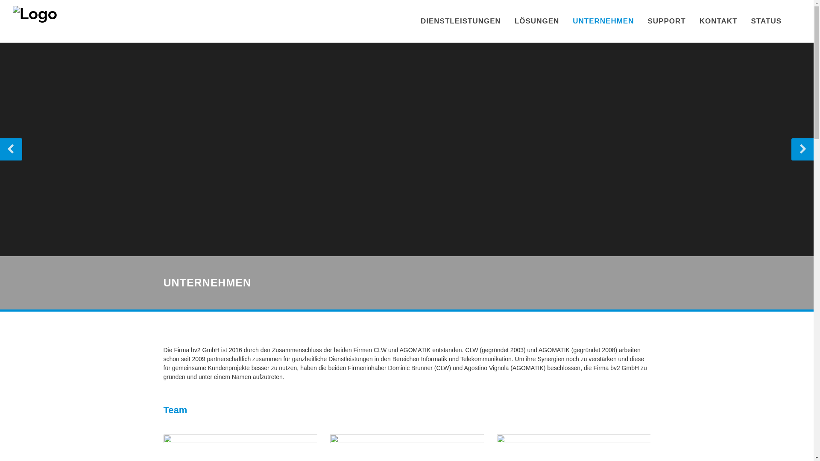 The image size is (820, 461). I want to click on 'UNTERNEHMEN', so click(603, 21).